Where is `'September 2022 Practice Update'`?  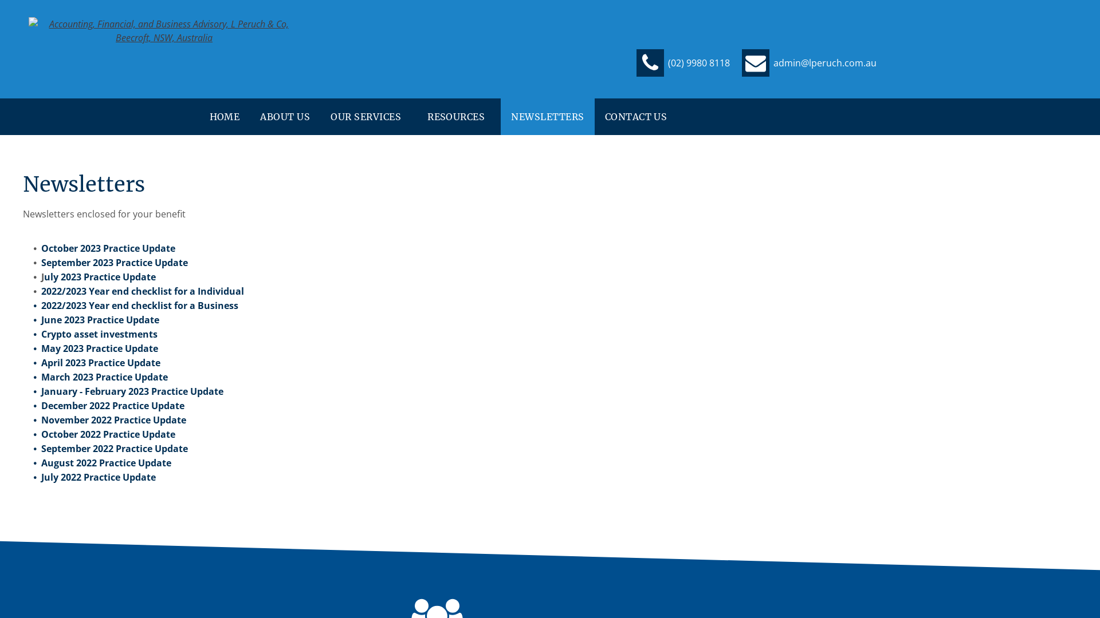 'September 2022 Practice Update' is located at coordinates (115, 447).